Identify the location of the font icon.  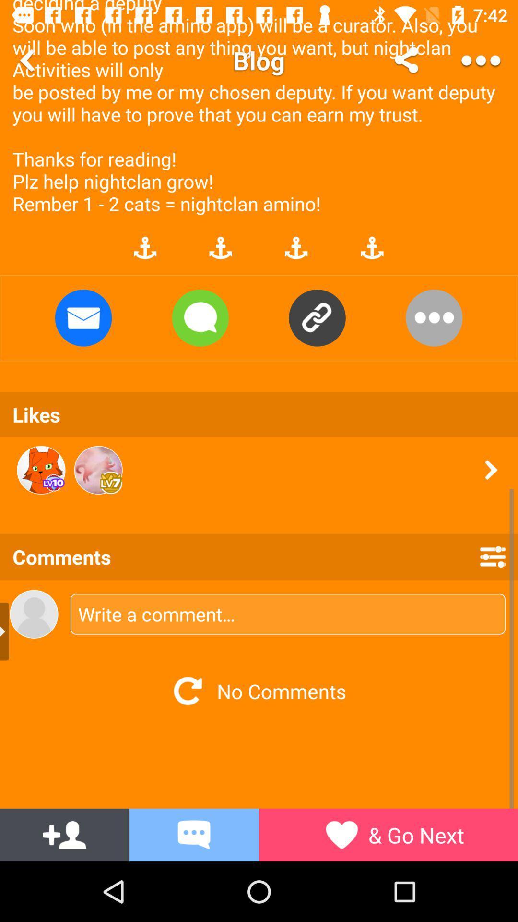
(65, 834).